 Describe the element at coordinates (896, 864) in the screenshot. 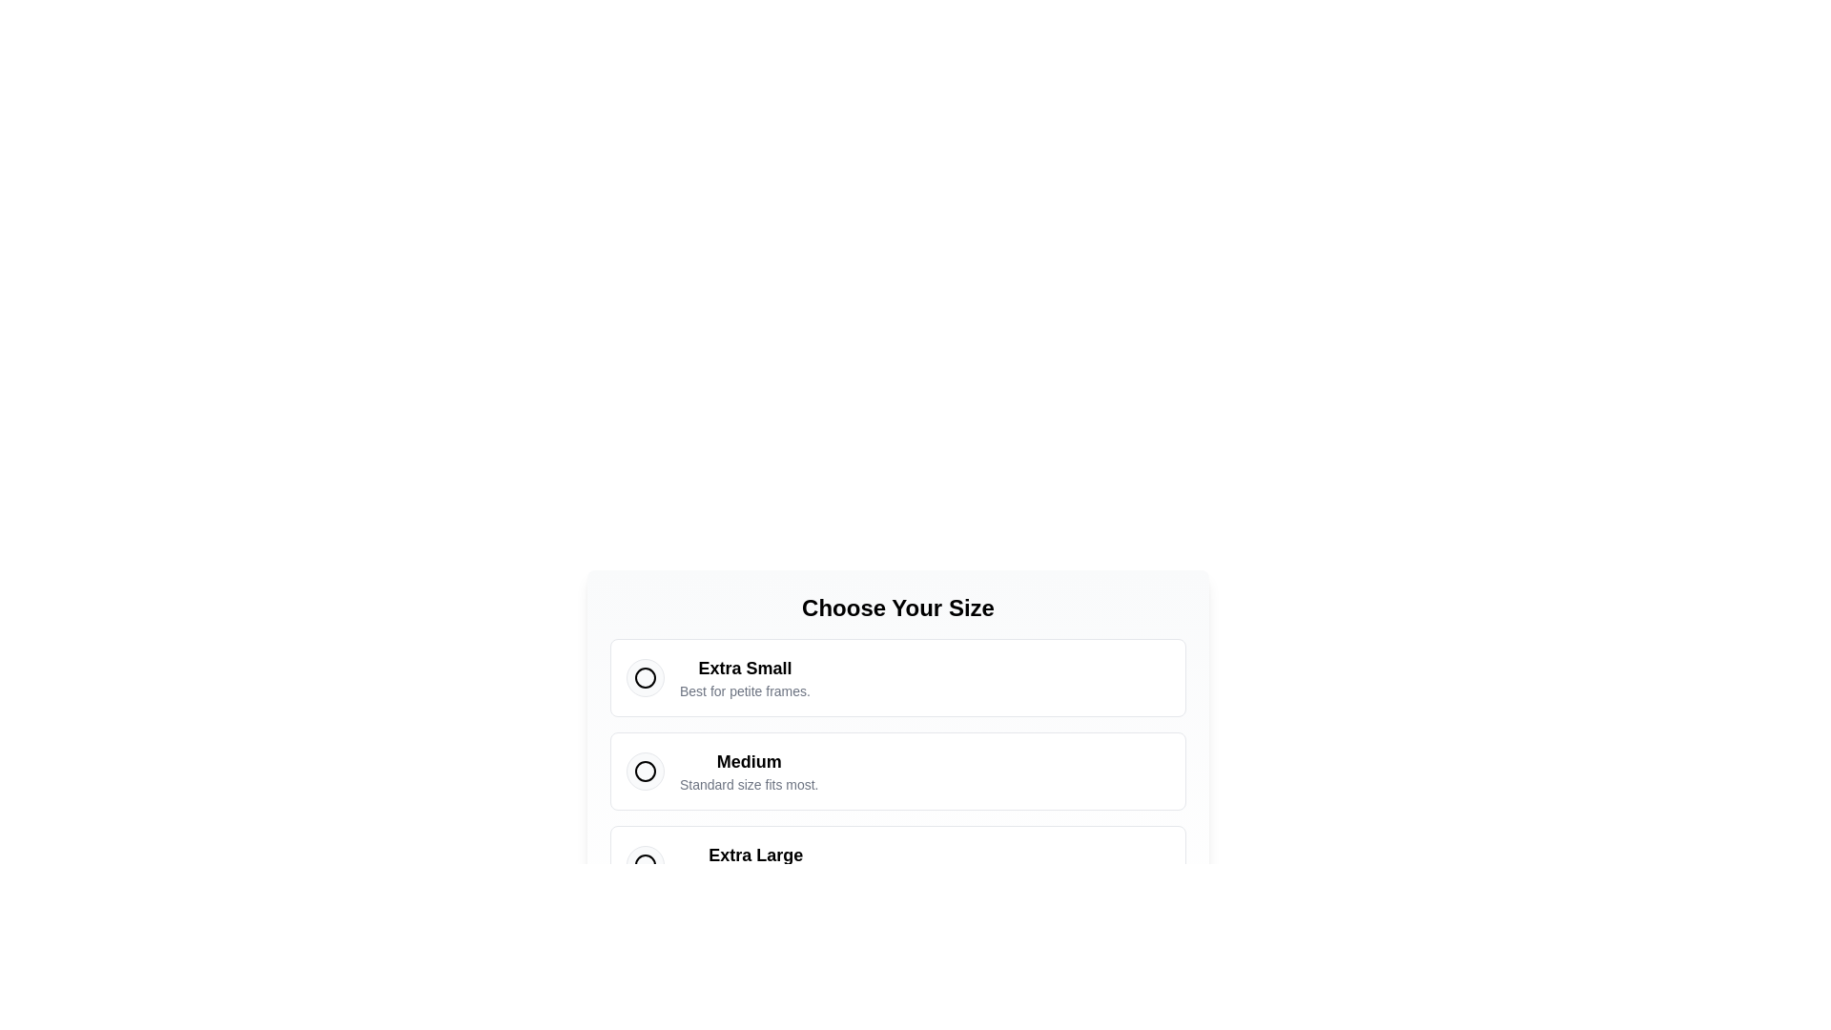

I see `the selectable option card representing the size 'Extra Large' located at the bottom of the list under 'Choose Your Size'` at that location.